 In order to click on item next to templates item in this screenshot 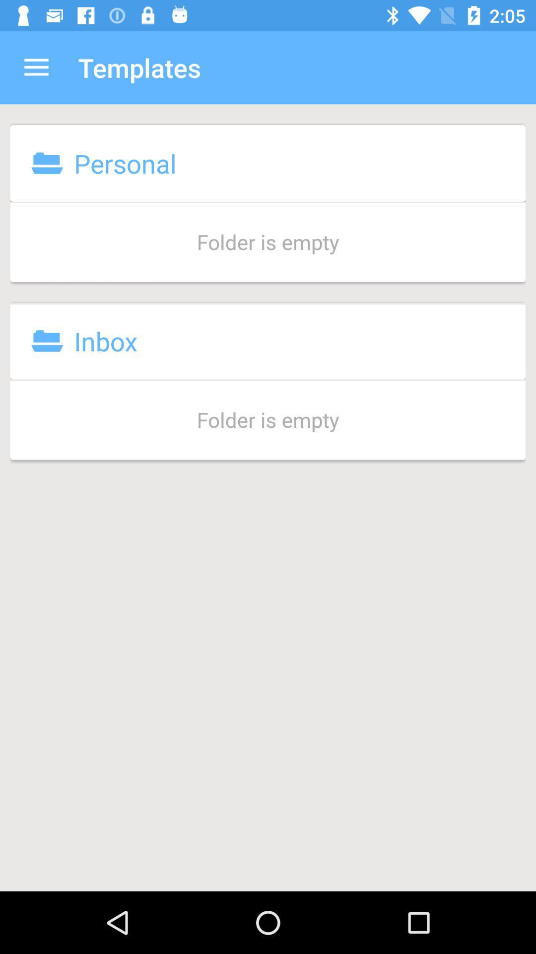, I will do `click(36, 67)`.